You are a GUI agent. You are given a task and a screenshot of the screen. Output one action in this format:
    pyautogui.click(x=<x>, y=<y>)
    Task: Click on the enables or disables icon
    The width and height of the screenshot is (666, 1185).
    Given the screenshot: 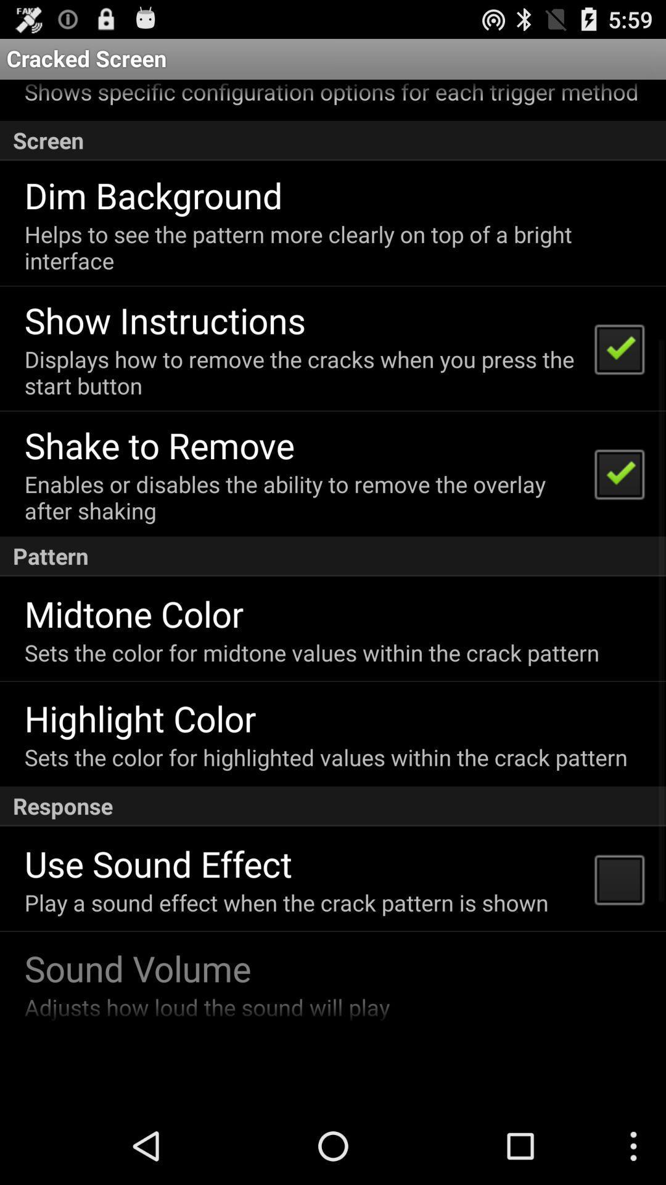 What is the action you would take?
    pyautogui.click(x=302, y=497)
    